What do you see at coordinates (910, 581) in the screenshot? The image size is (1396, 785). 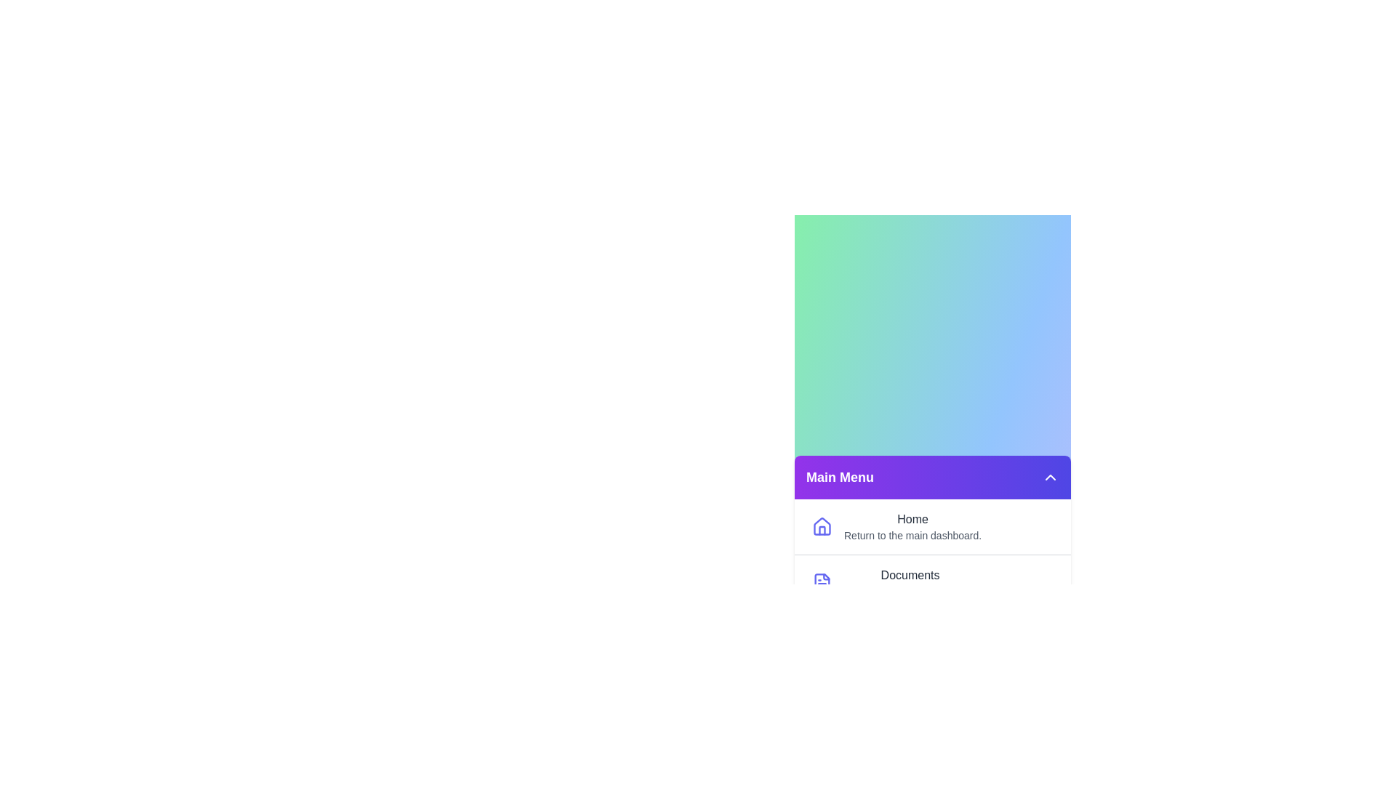 I see `the label Documents from the menu` at bounding box center [910, 581].